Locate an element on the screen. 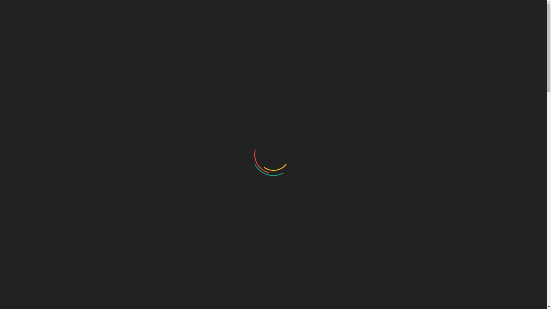 The width and height of the screenshot is (551, 309). 'PROJETOS DE PESQUISA' is located at coordinates (337, 27).